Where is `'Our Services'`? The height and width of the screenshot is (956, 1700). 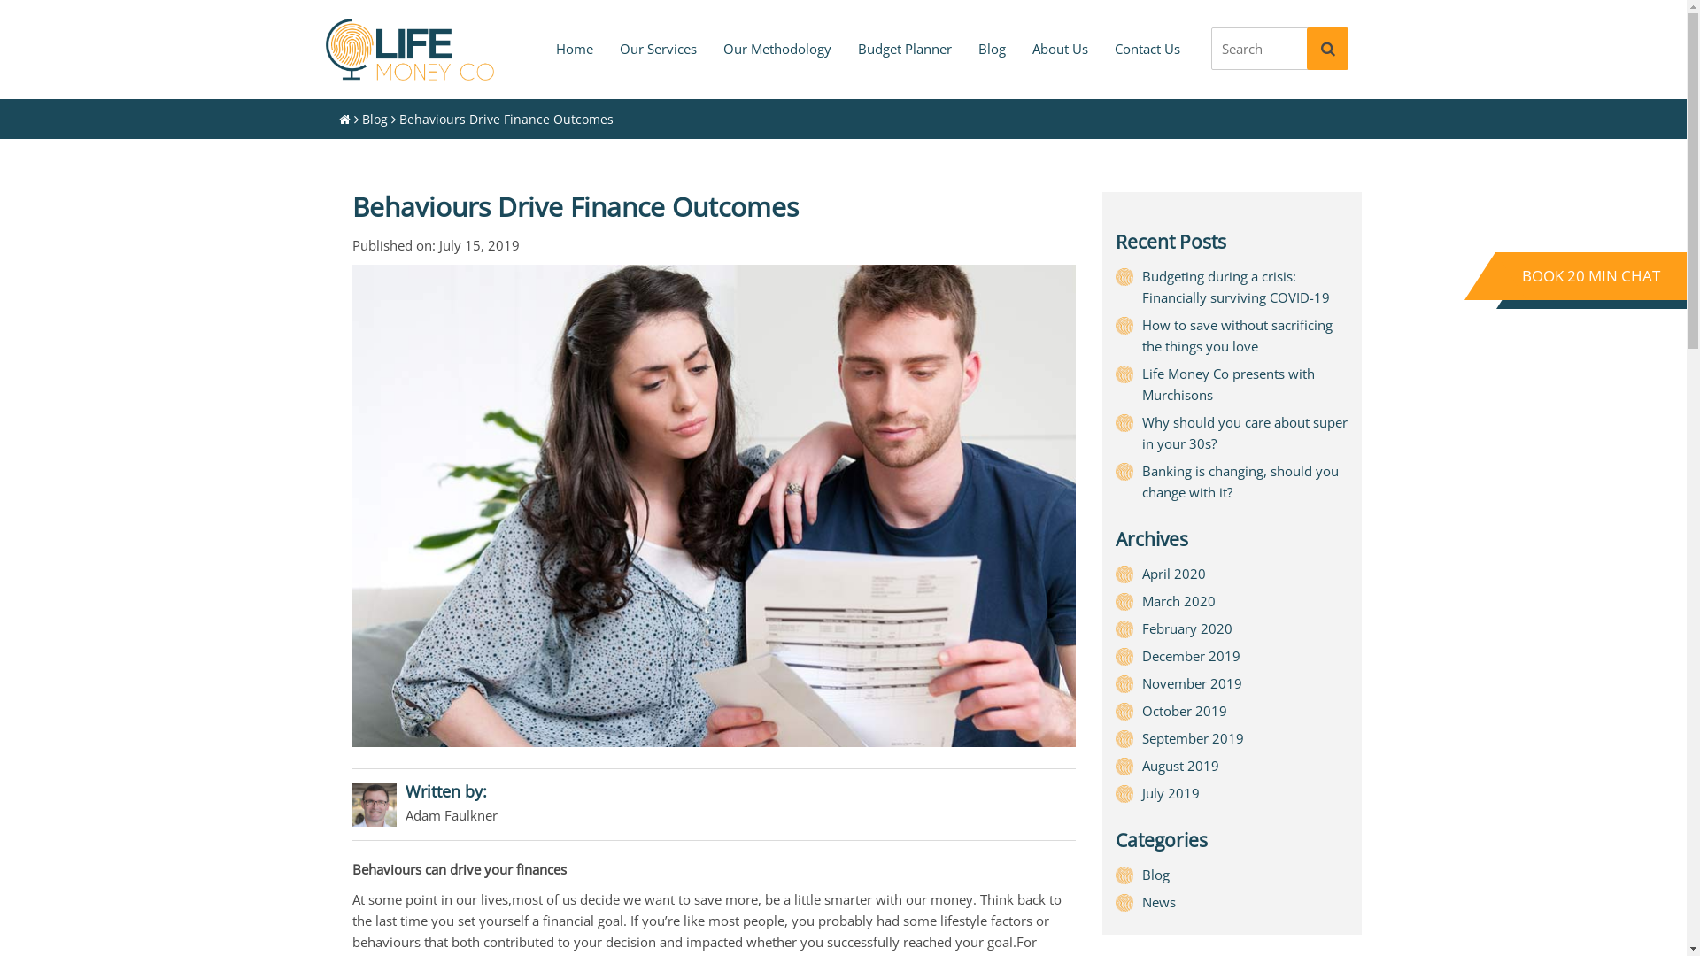 'Our Services' is located at coordinates (656, 47).